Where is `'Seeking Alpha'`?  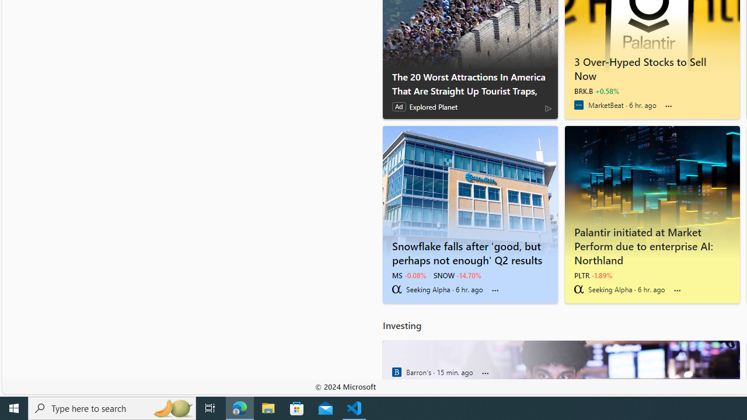 'Seeking Alpha' is located at coordinates (578, 289).